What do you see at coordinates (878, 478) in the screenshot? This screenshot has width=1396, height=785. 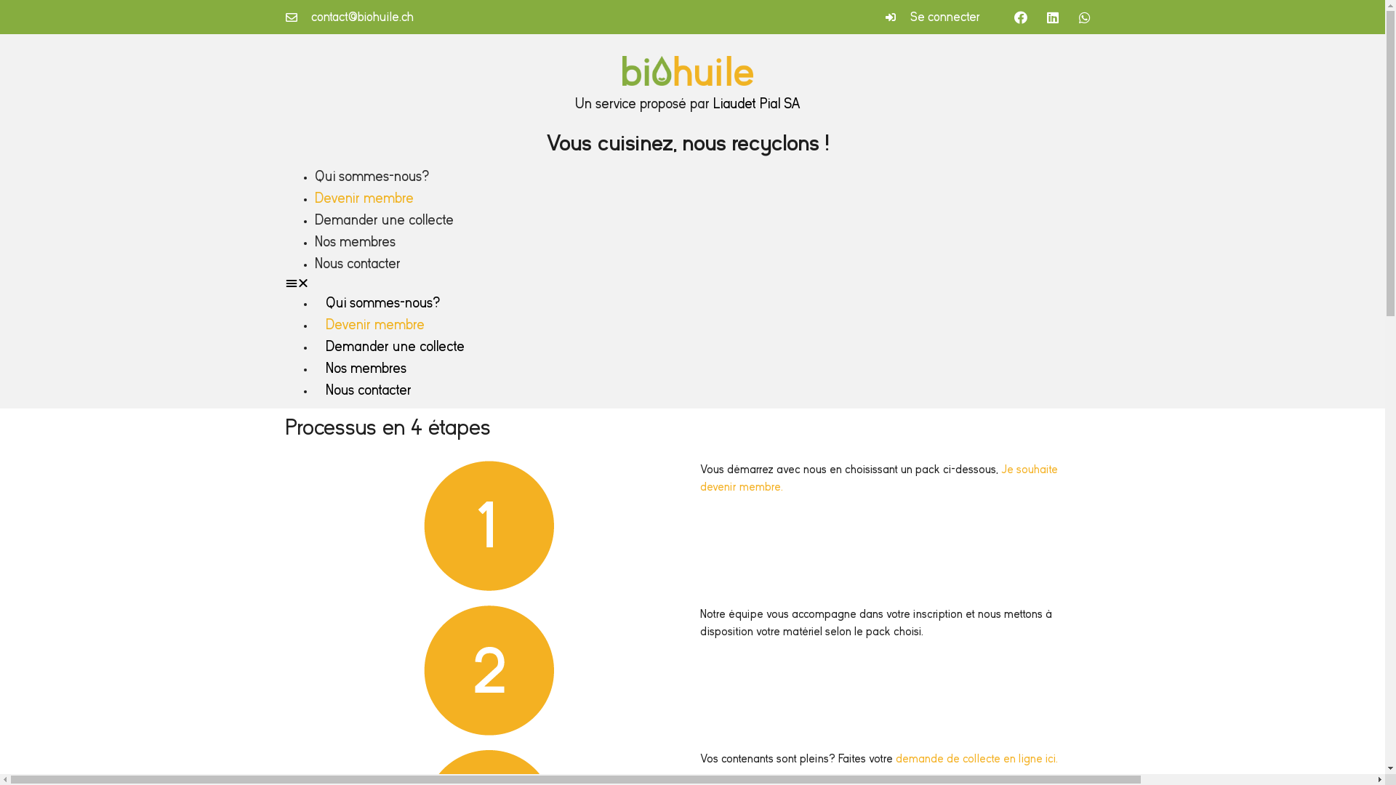 I see `'Je souhaite devenir membre.'` at bounding box center [878, 478].